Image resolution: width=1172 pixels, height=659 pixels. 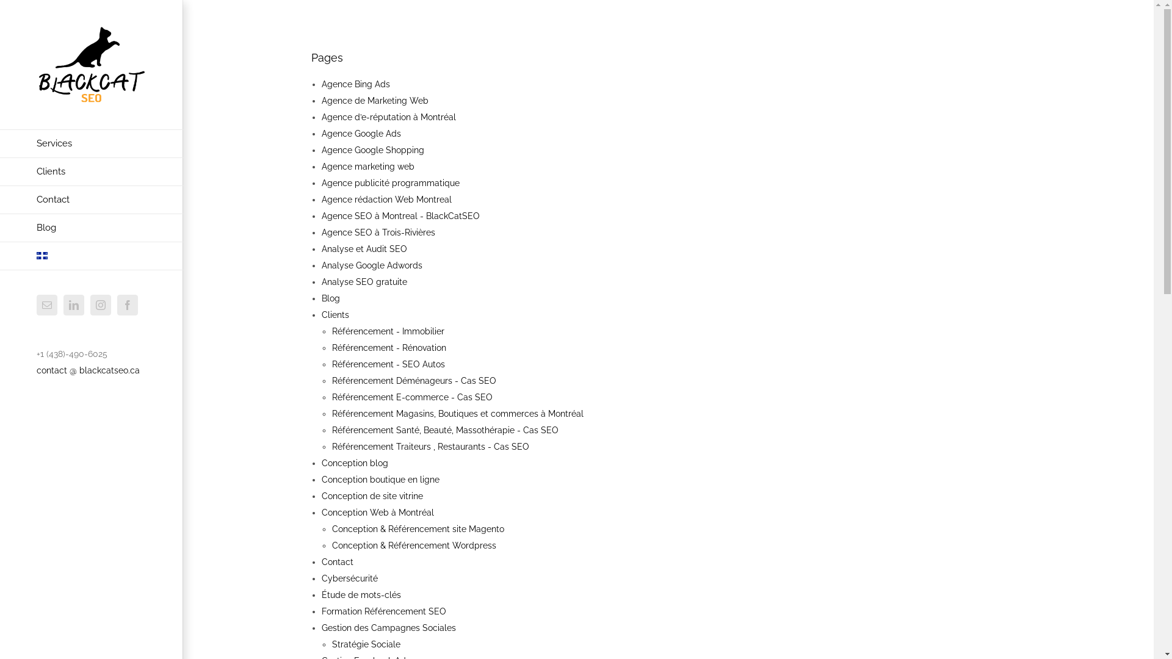 I want to click on 'Conception boutique en ligne', so click(x=380, y=479).